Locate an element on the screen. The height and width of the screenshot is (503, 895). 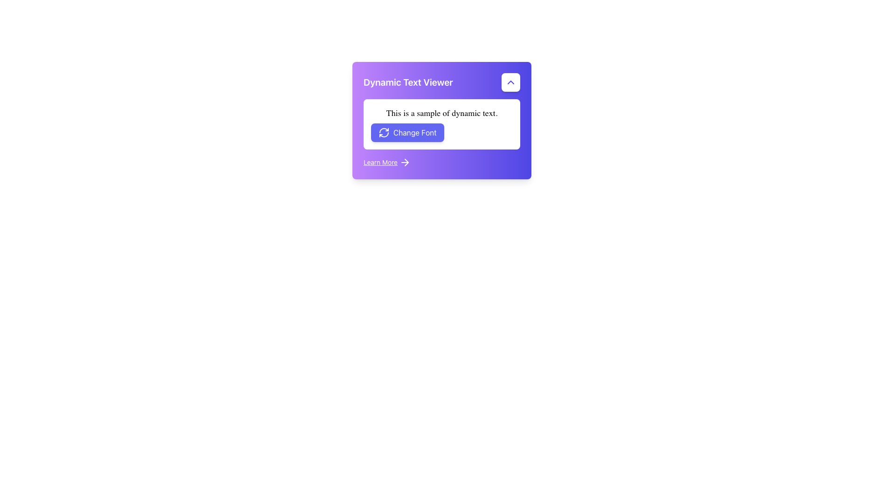
the right-arrow-shaped chevron icon located to the right of the 'Learn More' label in the lower part of the card is located at coordinates (406, 162).